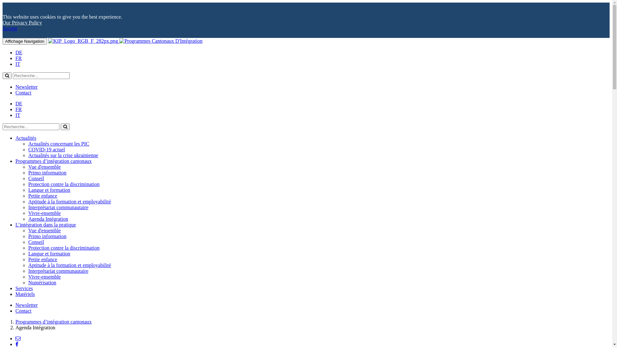 Image resolution: width=617 pixels, height=347 pixels. Describe the element at coordinates (49, 253) in the screenshot. I see `'Langue et formation'` at that location.